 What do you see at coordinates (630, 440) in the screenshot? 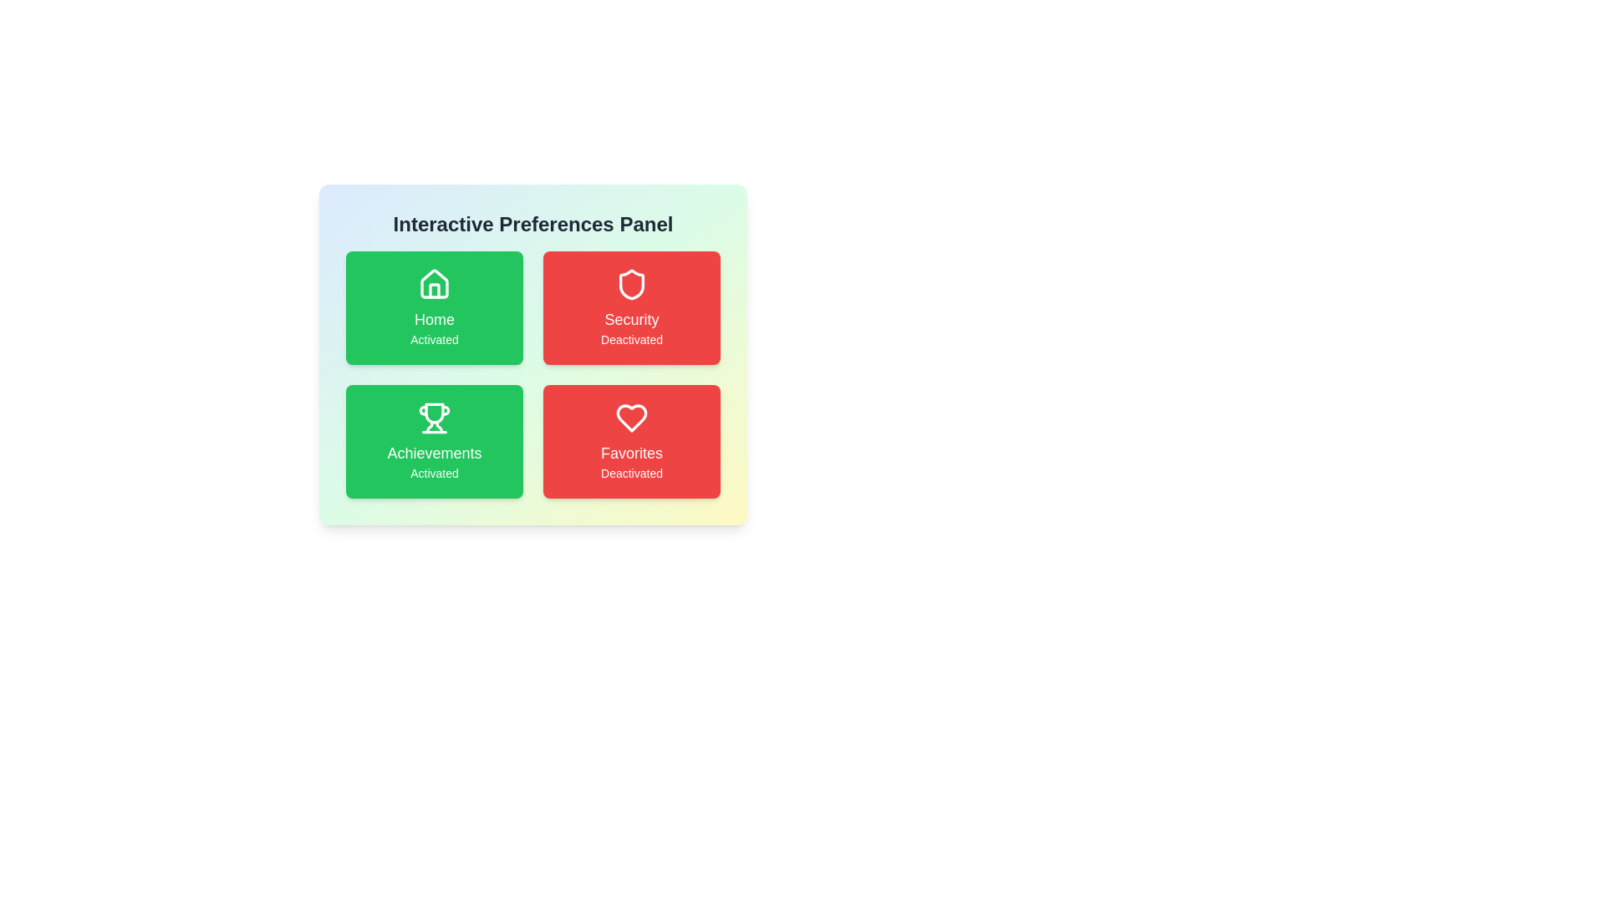
I see `the Favorites card` at bounding box center [630, 440].